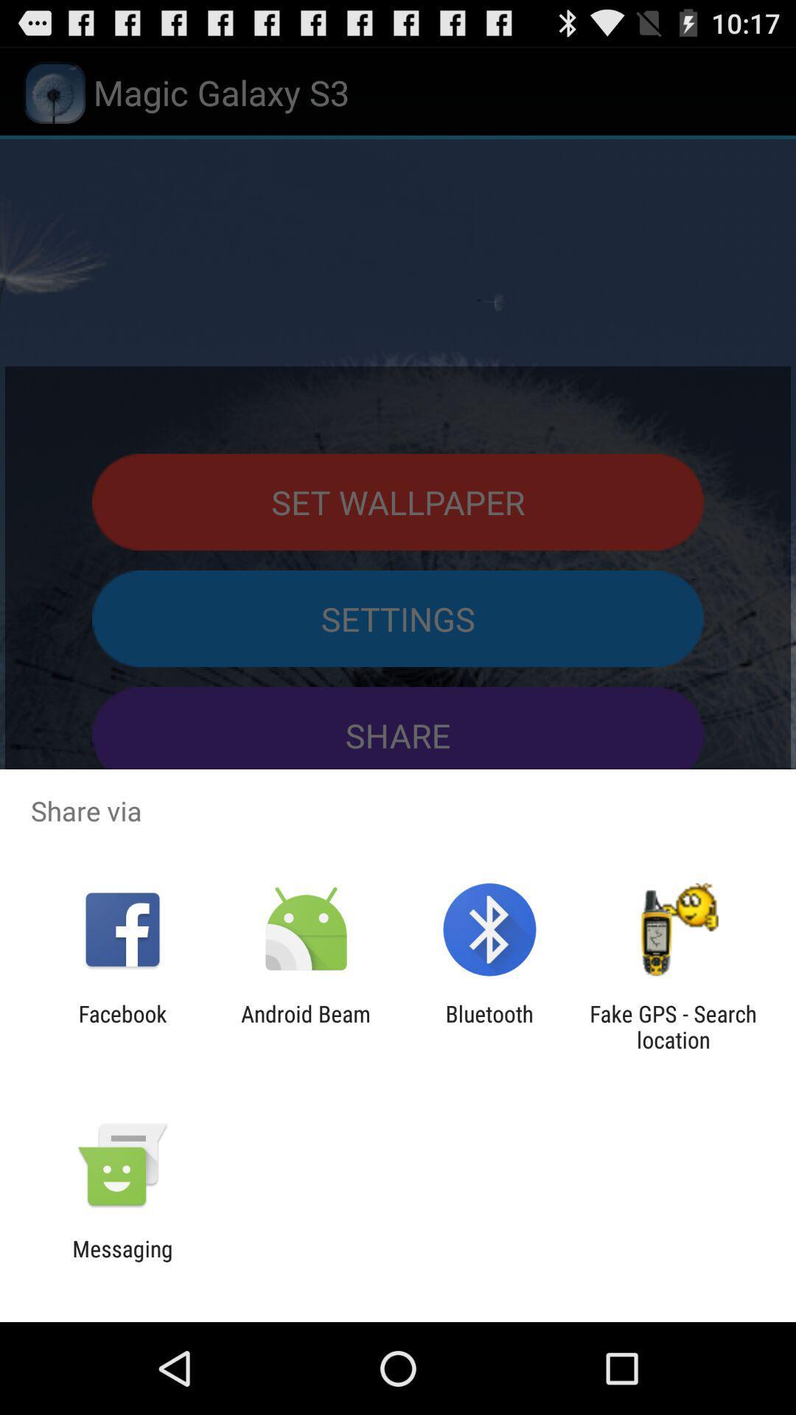 This screenshot has width=796, height=1415. Describe the element at coordinates (673, 1026) in the screenshot. I see `fake gps search icon` at that location.